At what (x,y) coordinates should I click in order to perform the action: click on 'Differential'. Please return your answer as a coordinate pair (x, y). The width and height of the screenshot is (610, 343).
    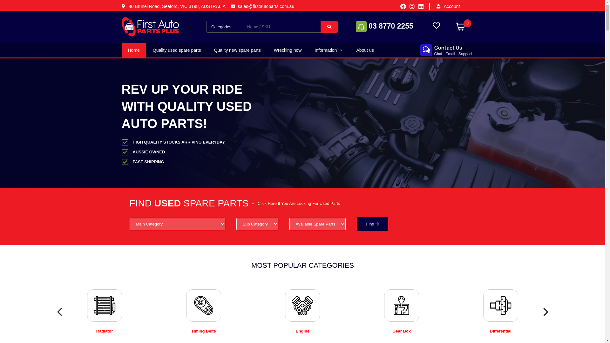
    Looking at the image, I should click on (500, 331).